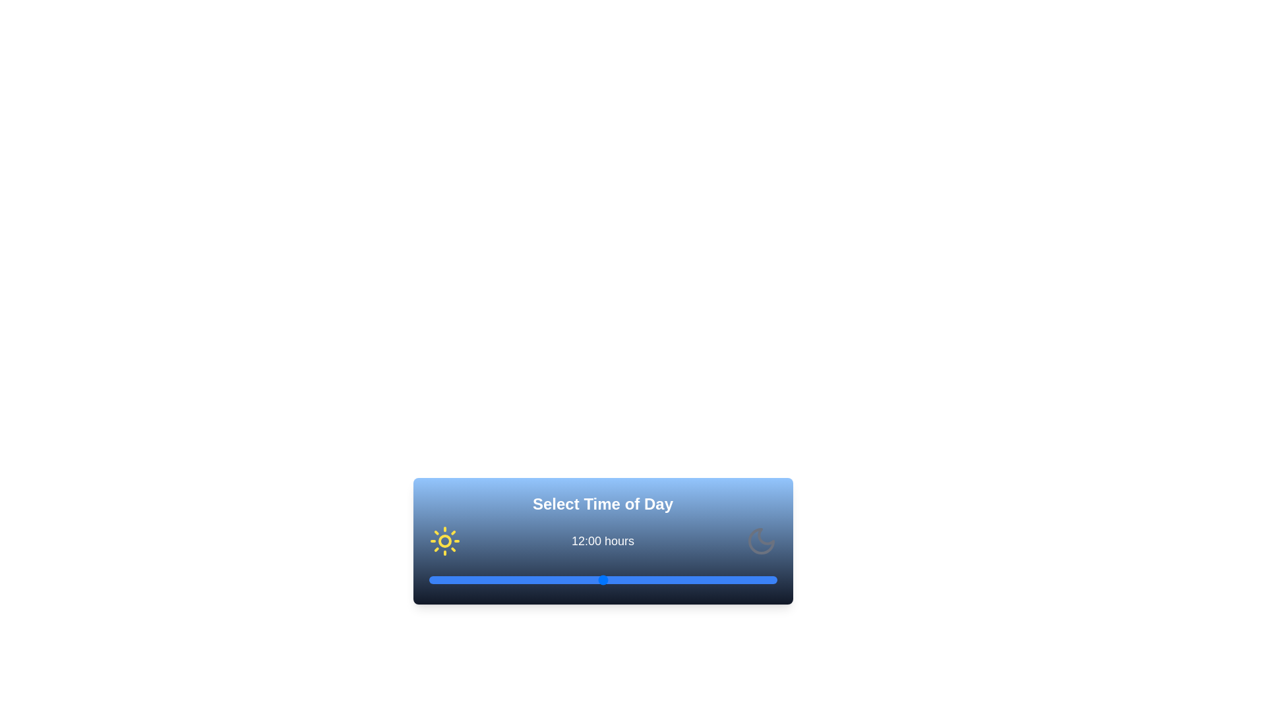 The image size is (1266, 712). Describe the element at coordinates (486, 579) in the screenshot. I see `the time to 4 hours using the slider` at that location.